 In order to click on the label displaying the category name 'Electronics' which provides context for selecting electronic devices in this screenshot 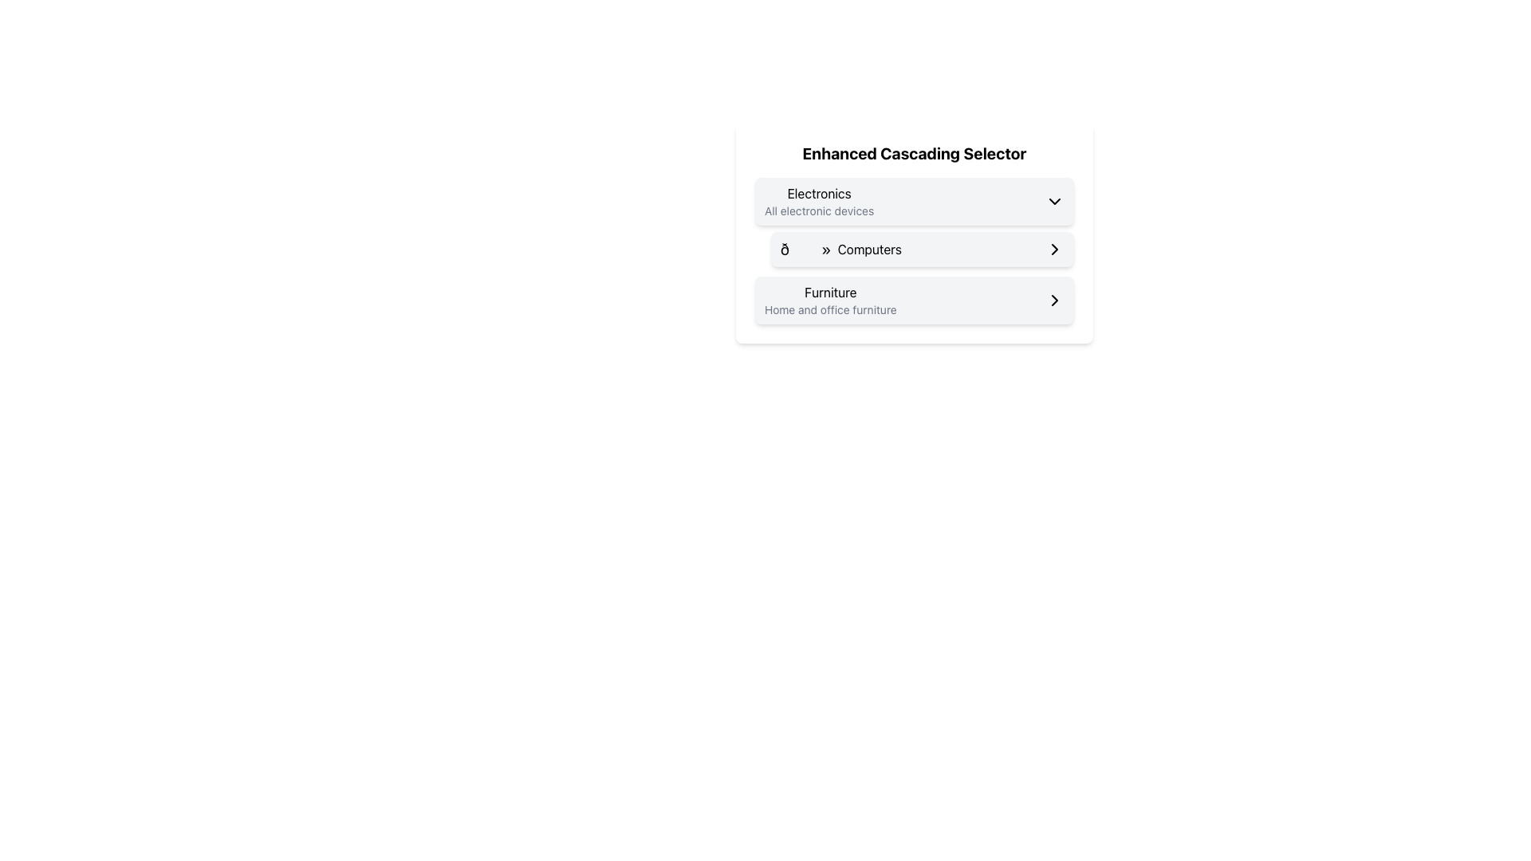, I will do `click(819, 201)`.